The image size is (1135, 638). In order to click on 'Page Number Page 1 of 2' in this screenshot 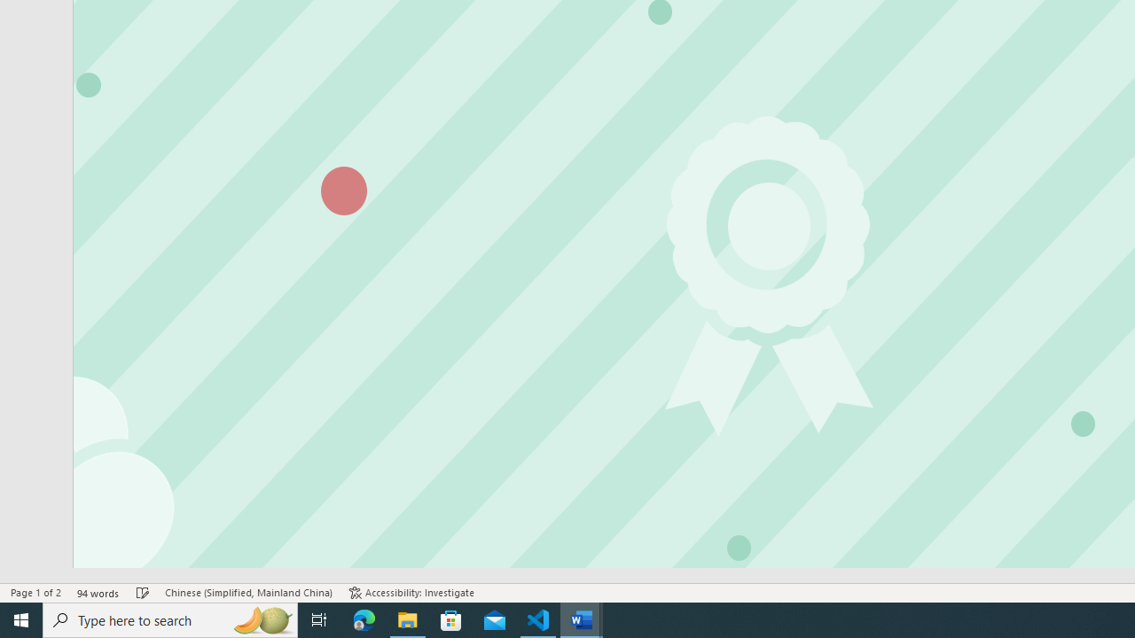, I will do `click(35, 593)`.